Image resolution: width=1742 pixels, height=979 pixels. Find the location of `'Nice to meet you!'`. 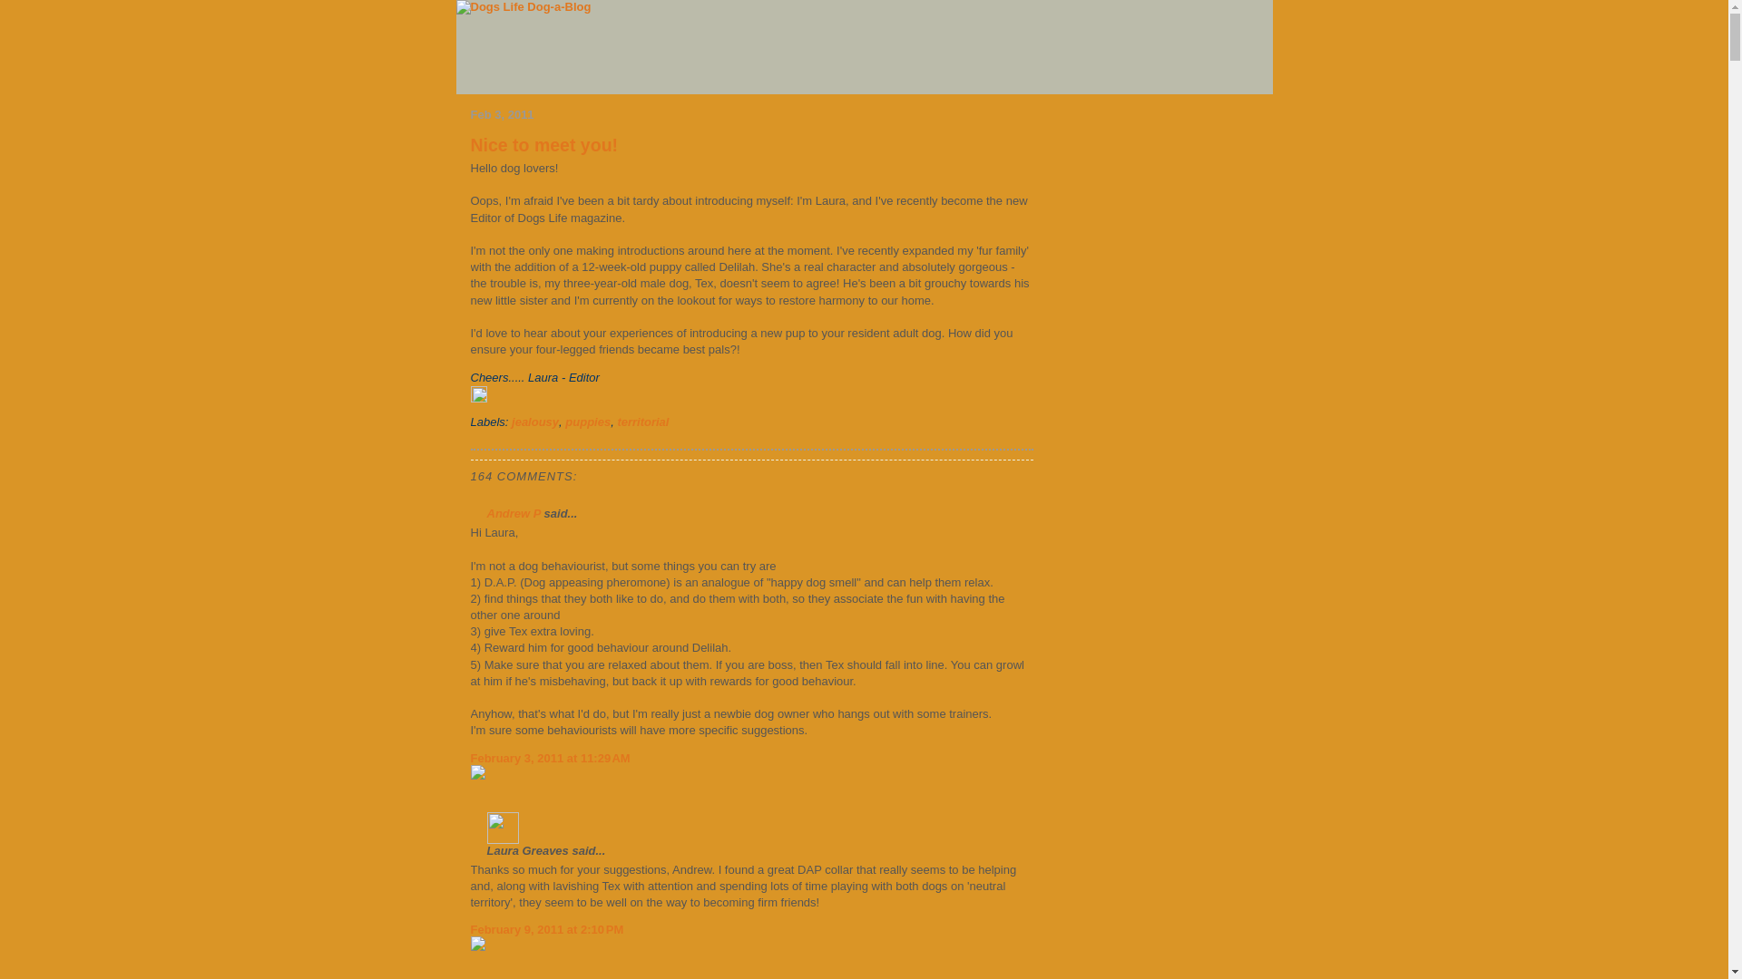

'Nice to meet you!' is located at coordinates (543, 143).